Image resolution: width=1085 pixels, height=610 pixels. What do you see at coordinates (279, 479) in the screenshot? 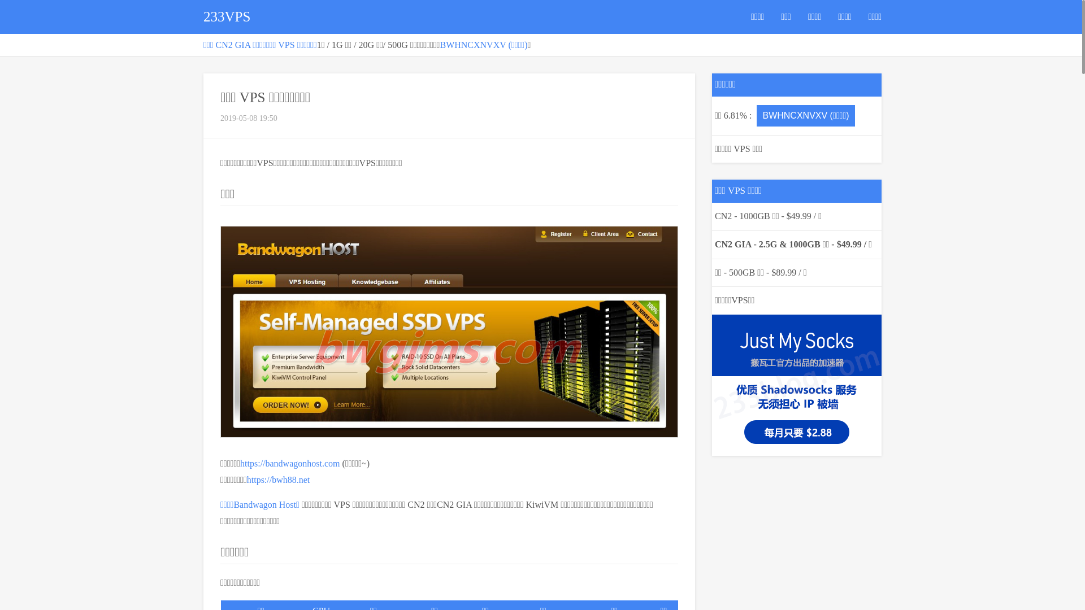
I see `'https://bwh88.net'` at bounding box center [279, 479].